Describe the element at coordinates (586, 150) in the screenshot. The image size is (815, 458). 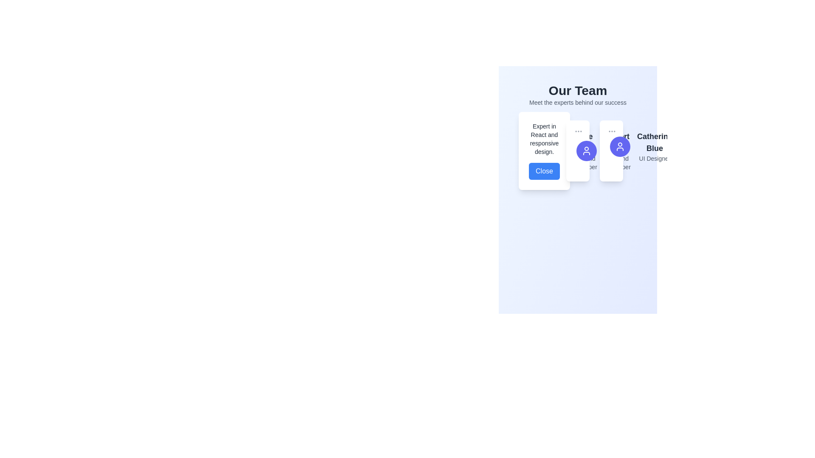
I see `the user icon styled as a silhouette of a head and shoulders located within a vibrant purple circular button` at that location.